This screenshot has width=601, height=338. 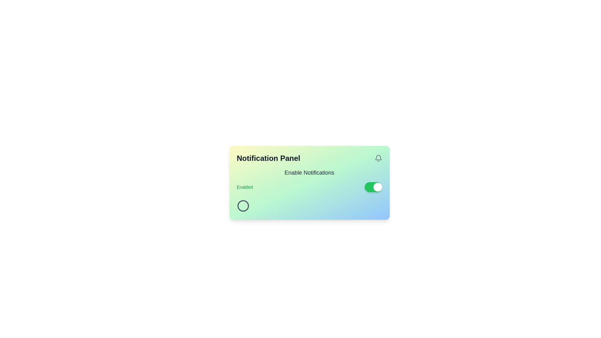 What do you see at coordinates (378, 157) in the screenshot?
I see `the bell icon located at the top-right corner of the notification panel, which indicates notifications within the system interface` at bounding box center [378, 157].